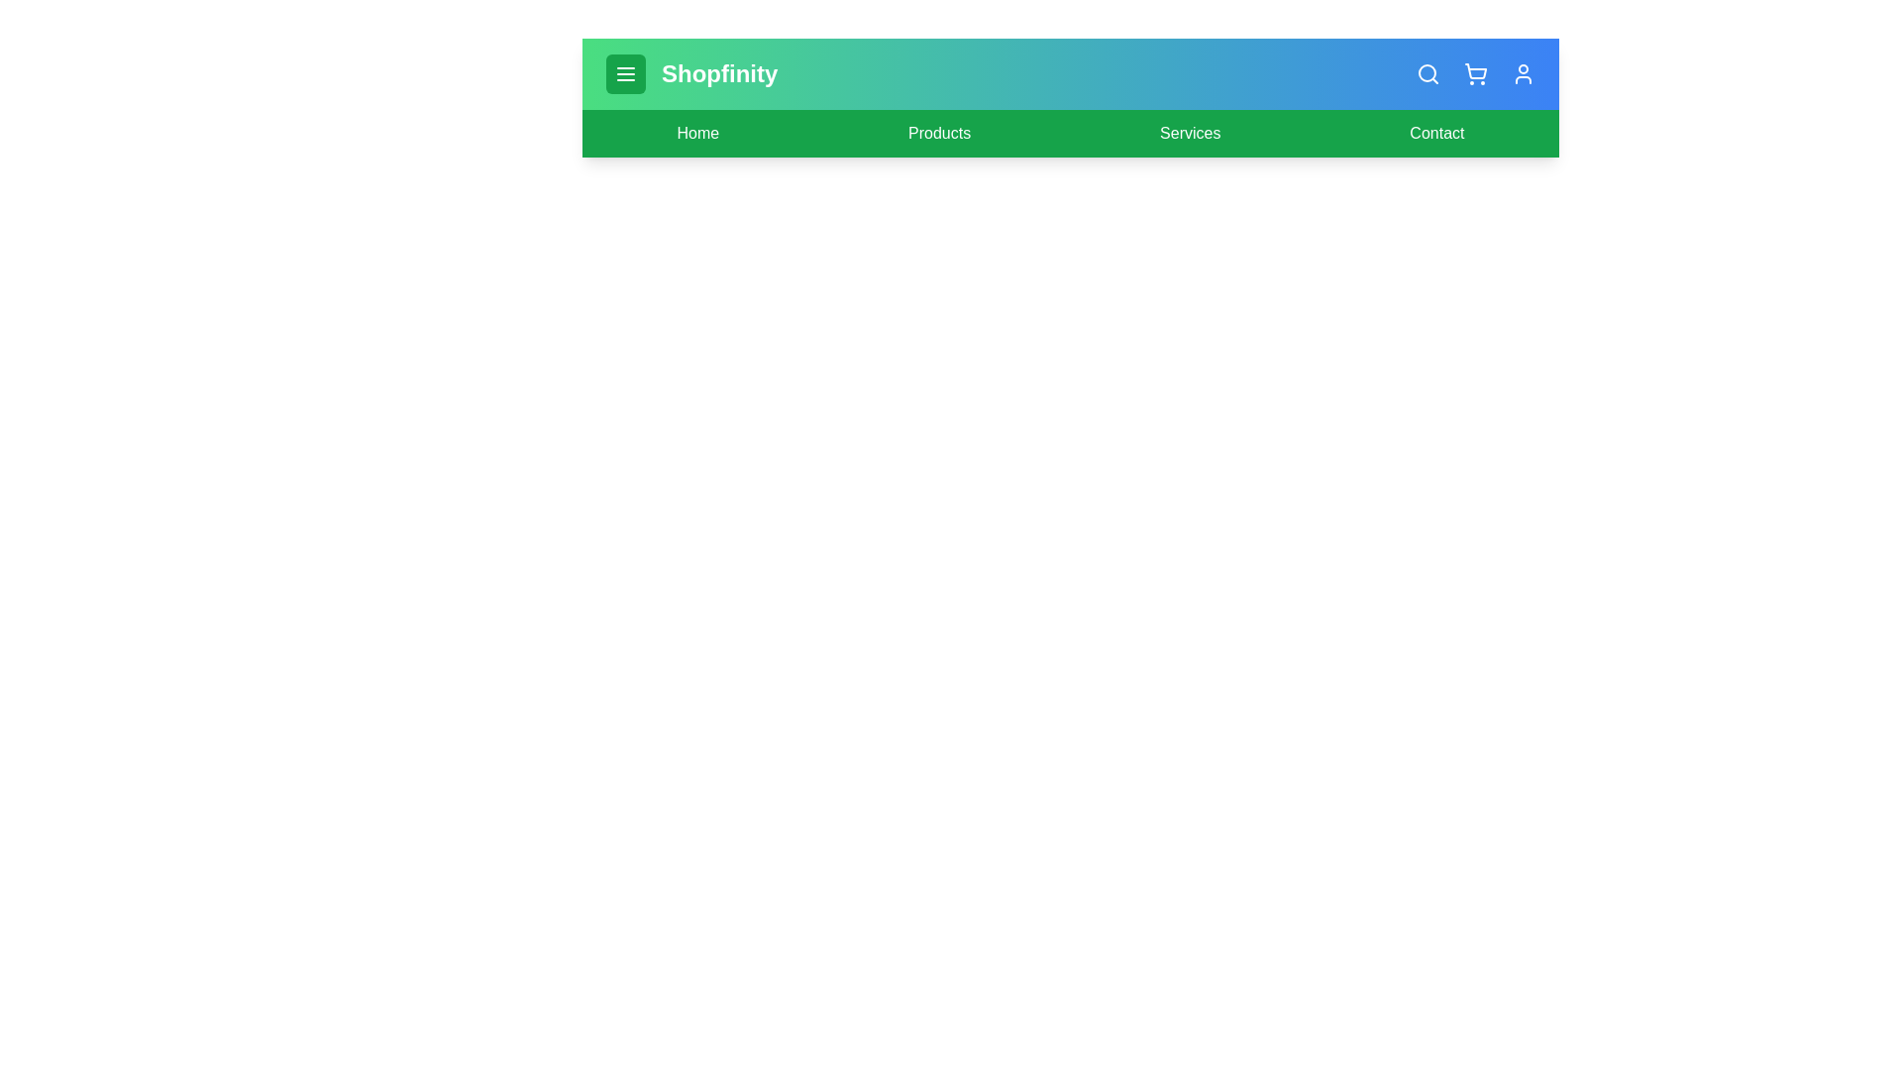 This screenshot has width=1902, height=1070. What do you see at coordinates (1522, 72) in the screenshot?
I see `the user_icon to observe its hover effect` at bounding box center [1522, 72].